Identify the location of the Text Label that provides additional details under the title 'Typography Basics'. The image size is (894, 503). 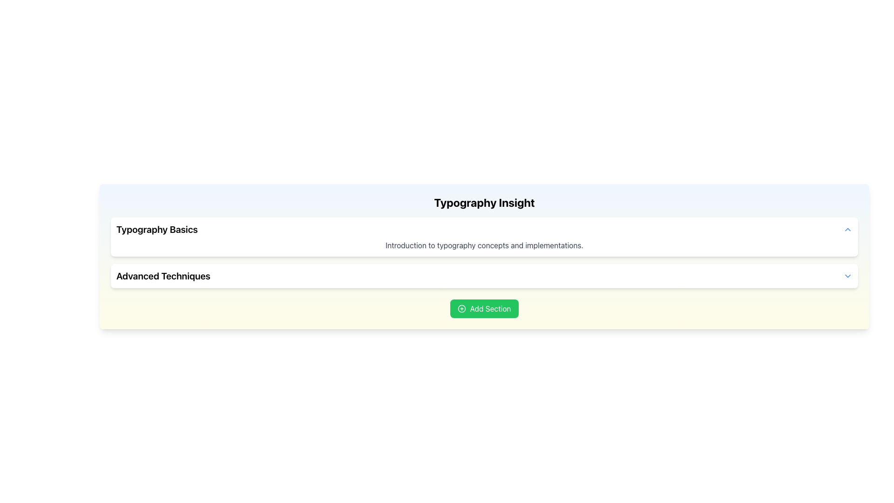
(484, 245).